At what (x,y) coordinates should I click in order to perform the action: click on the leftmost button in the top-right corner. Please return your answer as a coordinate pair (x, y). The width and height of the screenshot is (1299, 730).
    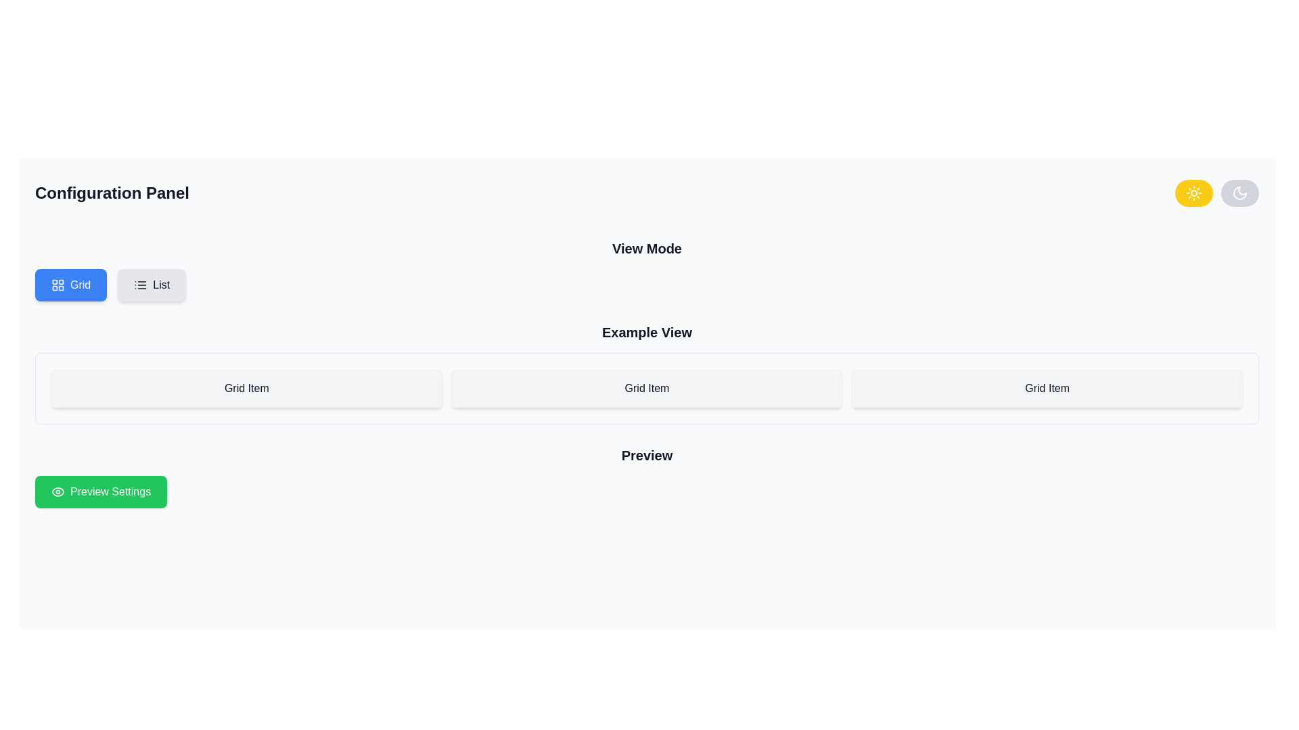
    Looking at the image, I should click on (1194, 193).